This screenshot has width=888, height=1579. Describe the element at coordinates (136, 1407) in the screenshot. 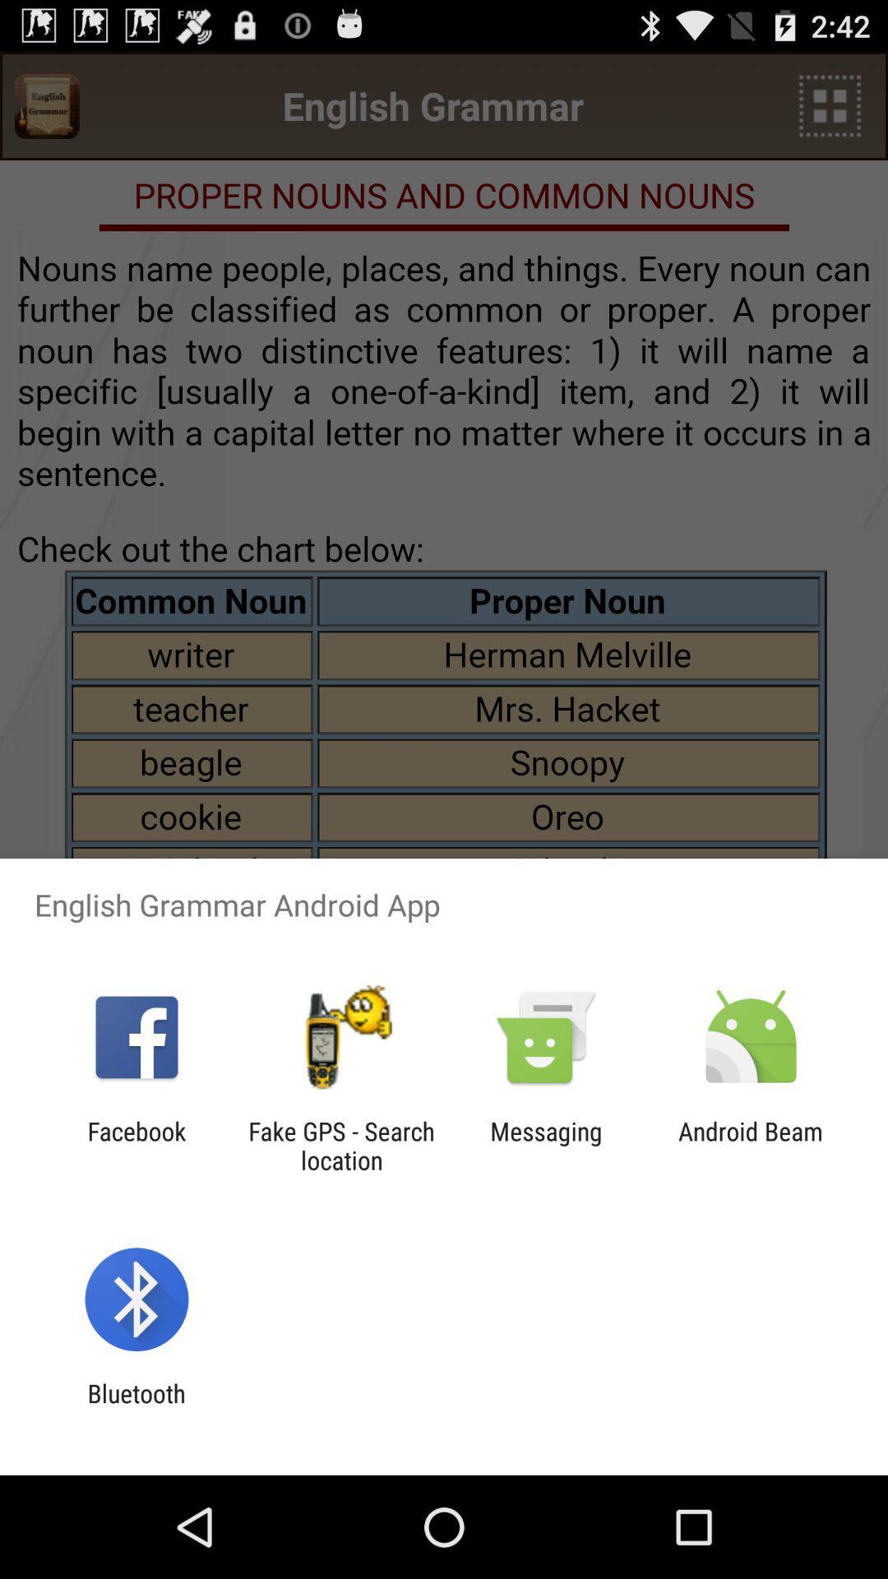

I see `bluetooth icon` at that location.